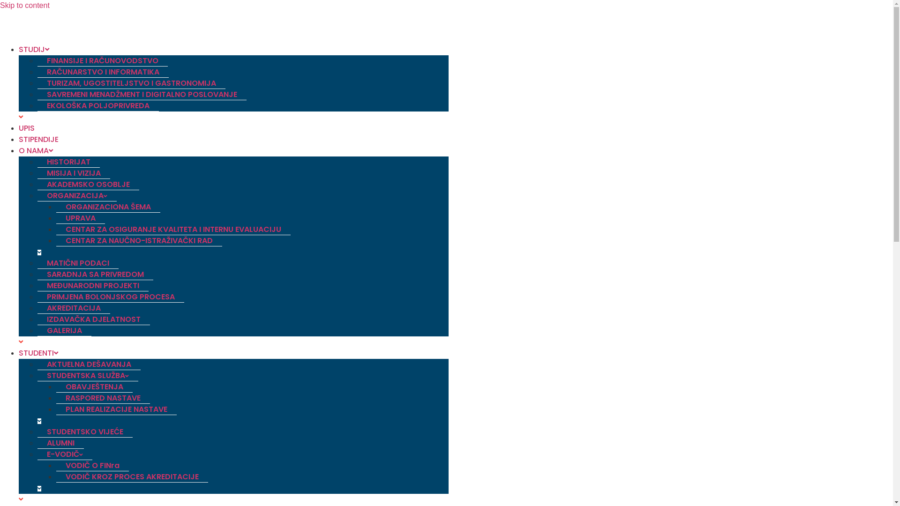 The image size is (900, 506). What do you see at coordinates (173, 229) in the screenshot?
I see `'CENTAR ZA OSIGURANJE KVALITETA I INTERNU EVALUACIJU'` at bounding box center [173, 229].